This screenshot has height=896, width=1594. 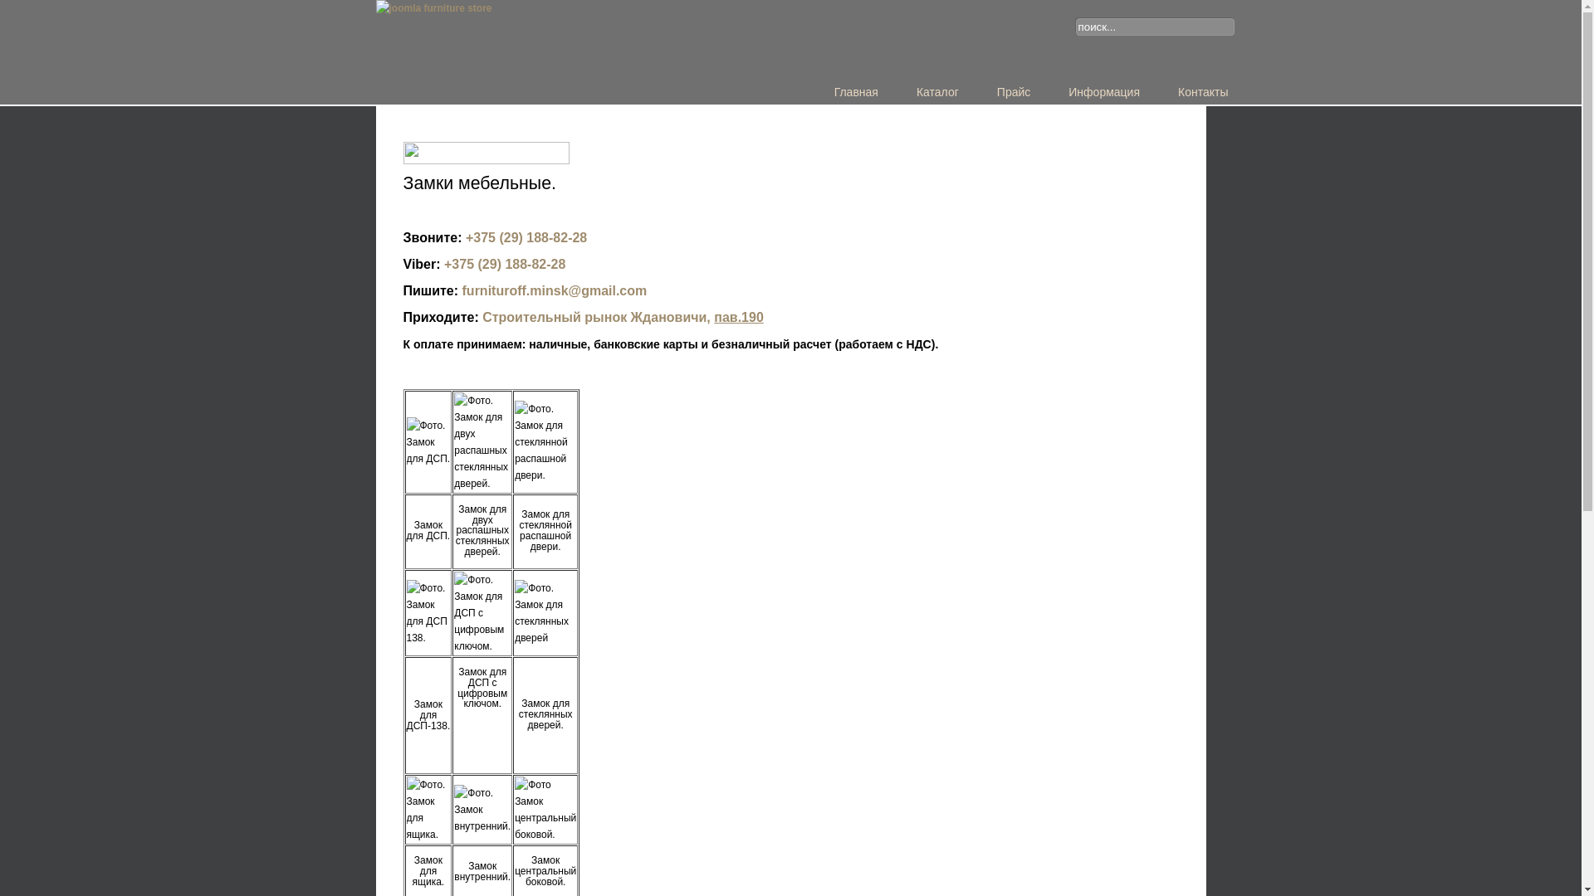 I want to click on '+375 (29) 188-82-28', so click(x=504, y=263).